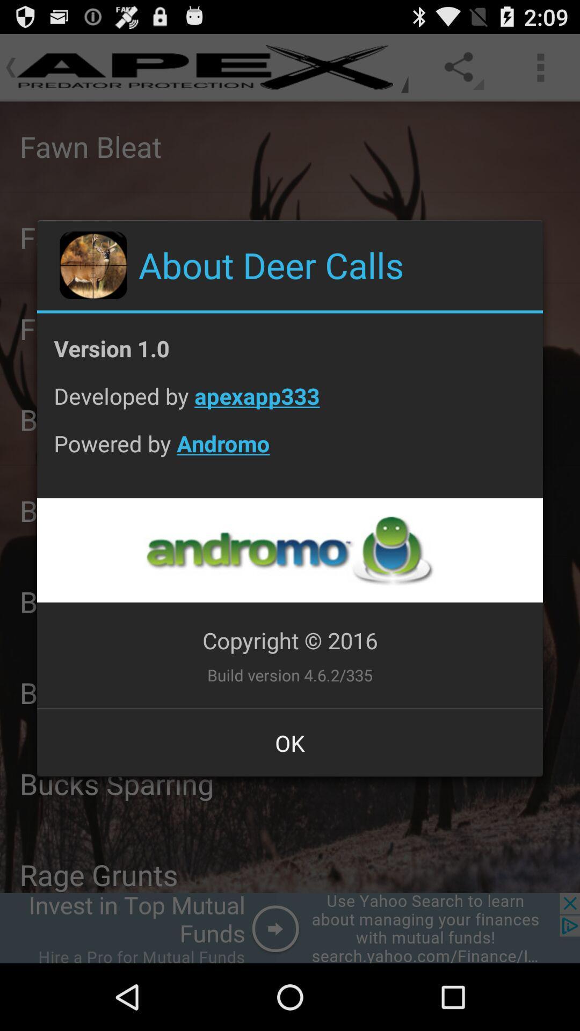 Image resolution: width=580 pixels, height=1031 pixels. Describe the element at coordinates (290, 452) in the screenshot. I see `the powered by andromo` at that location.